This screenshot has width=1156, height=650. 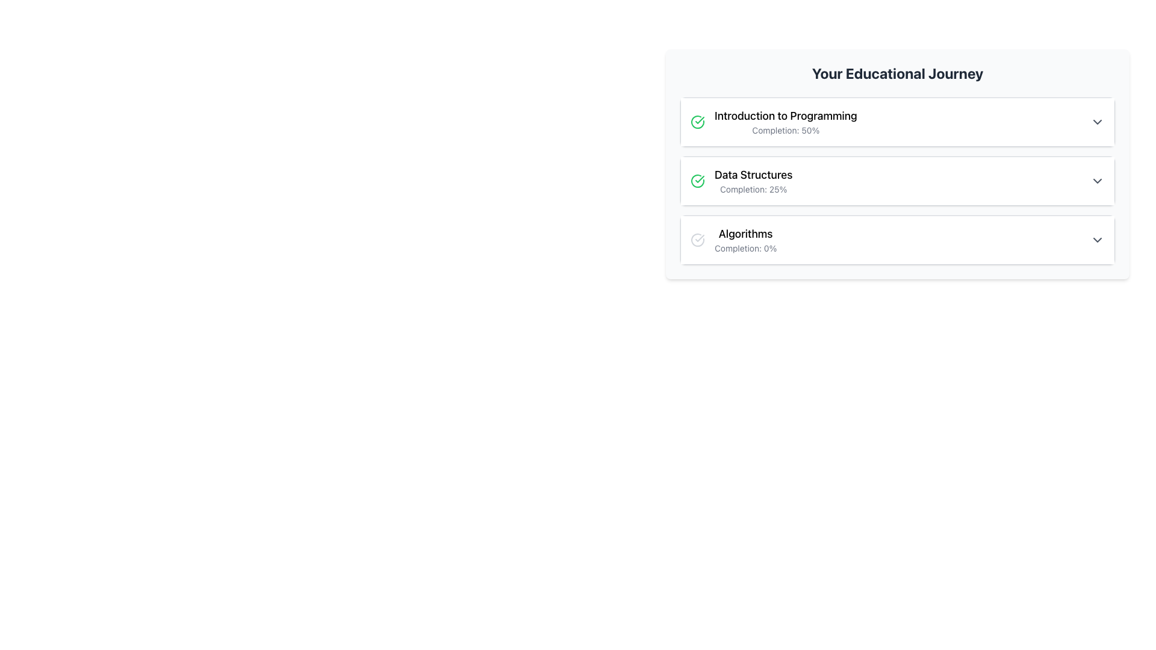 What do you see at coordinates (745, 234) in the screenshot?
I see `the text label displaying 'Algorithms' which is styled in large, bold font, located in the 'Your Educational Journey' section` at bounding box center [745, 234].